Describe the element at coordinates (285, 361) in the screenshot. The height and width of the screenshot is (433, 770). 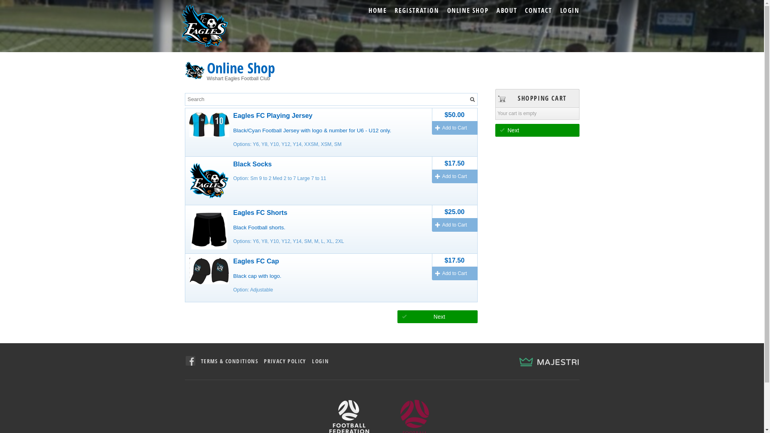
I see `'PRIVACY POLICY'` at that location.